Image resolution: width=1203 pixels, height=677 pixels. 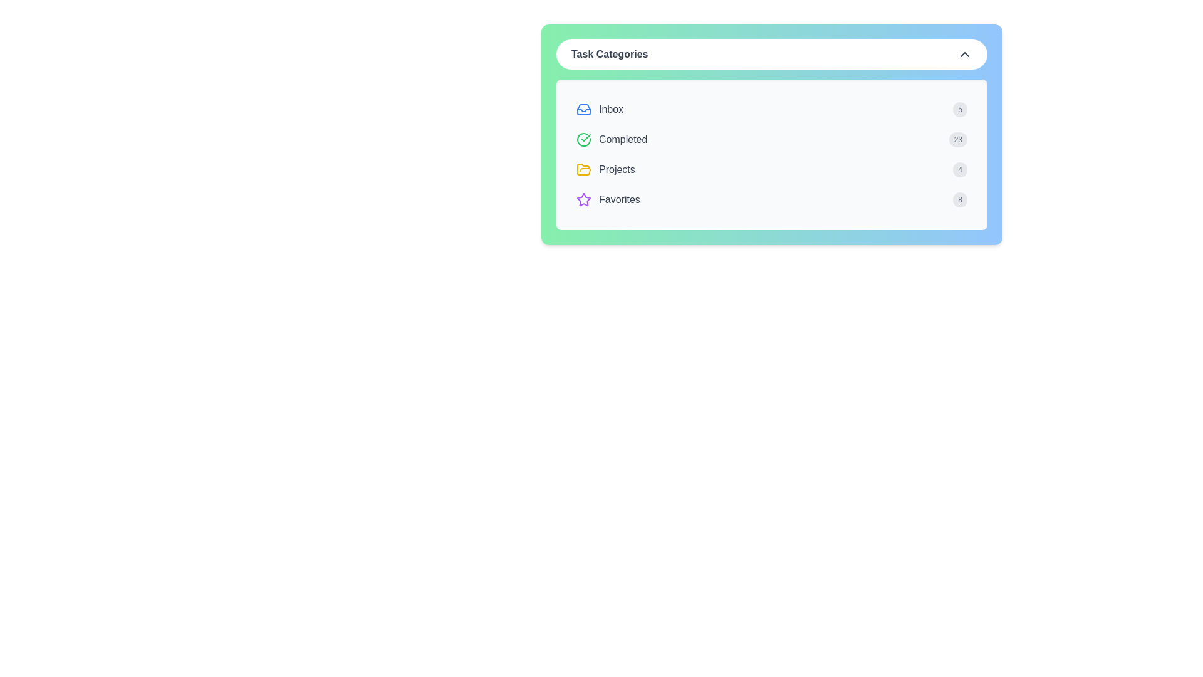 I want to click on information contained in the 'Task Categories' List section that categorizes tasks into 'Inbox,' 'Completed,' 'Projects,' and 'Favorites.', so click(x=771, y=154).